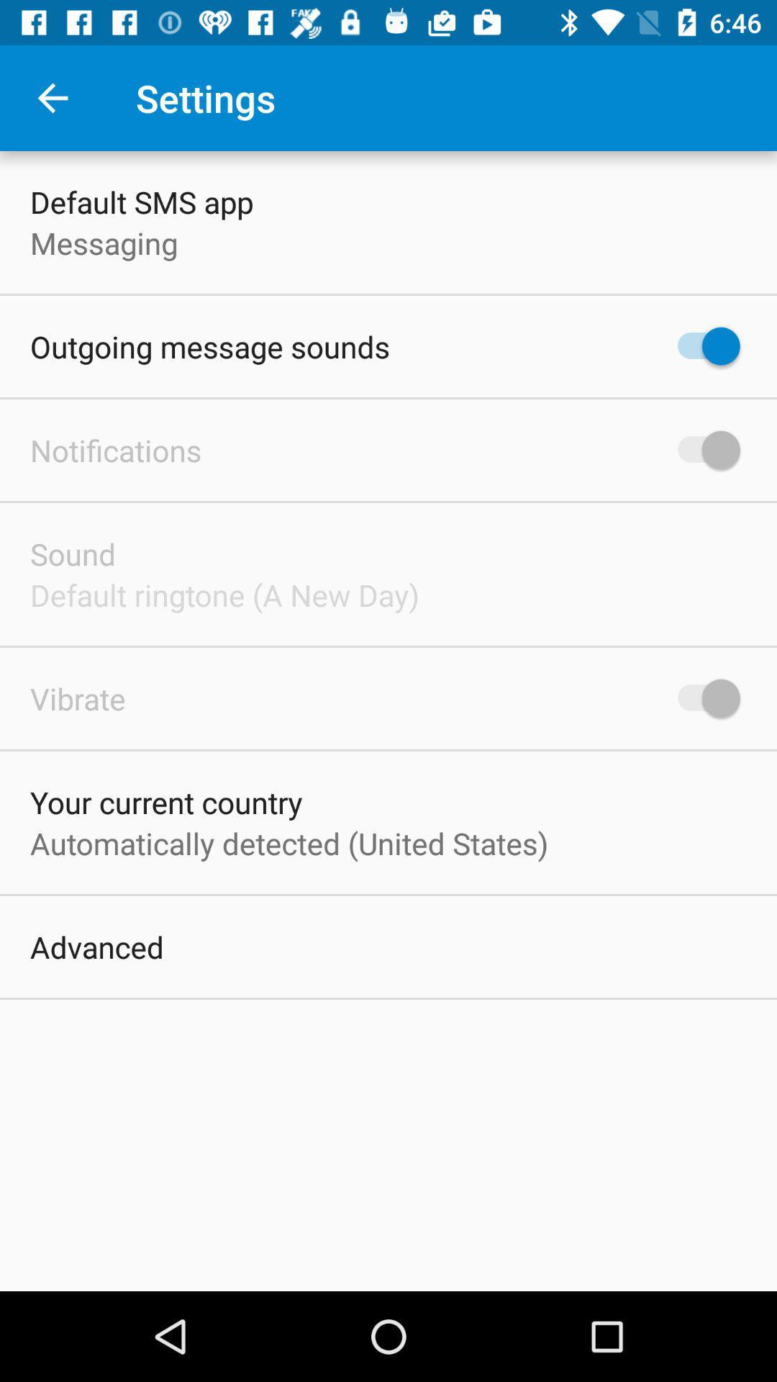  I want to click on the advanced icon, so click(97, 947).